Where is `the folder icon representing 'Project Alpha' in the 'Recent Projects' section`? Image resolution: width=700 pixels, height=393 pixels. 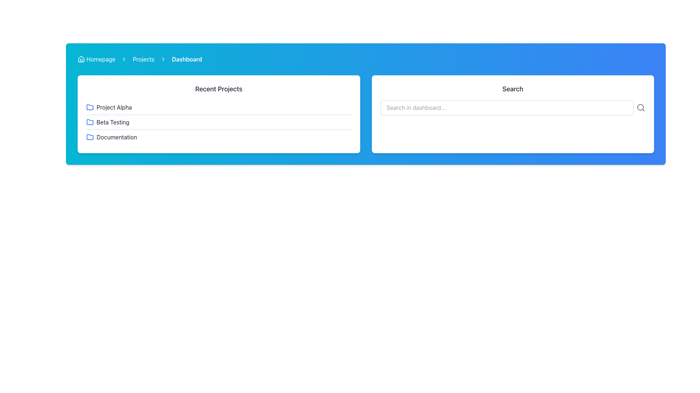 the folder icon representing 'Project Alpha' in the 'Recent Projects' section is located at coordinates (89, 107).